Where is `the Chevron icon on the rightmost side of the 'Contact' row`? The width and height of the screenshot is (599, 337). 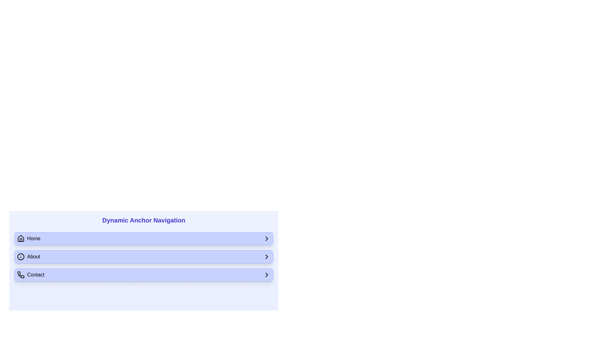 the Chevron icon on the rightmost side of the 'Contact' row is located at coordinates (266, 274).